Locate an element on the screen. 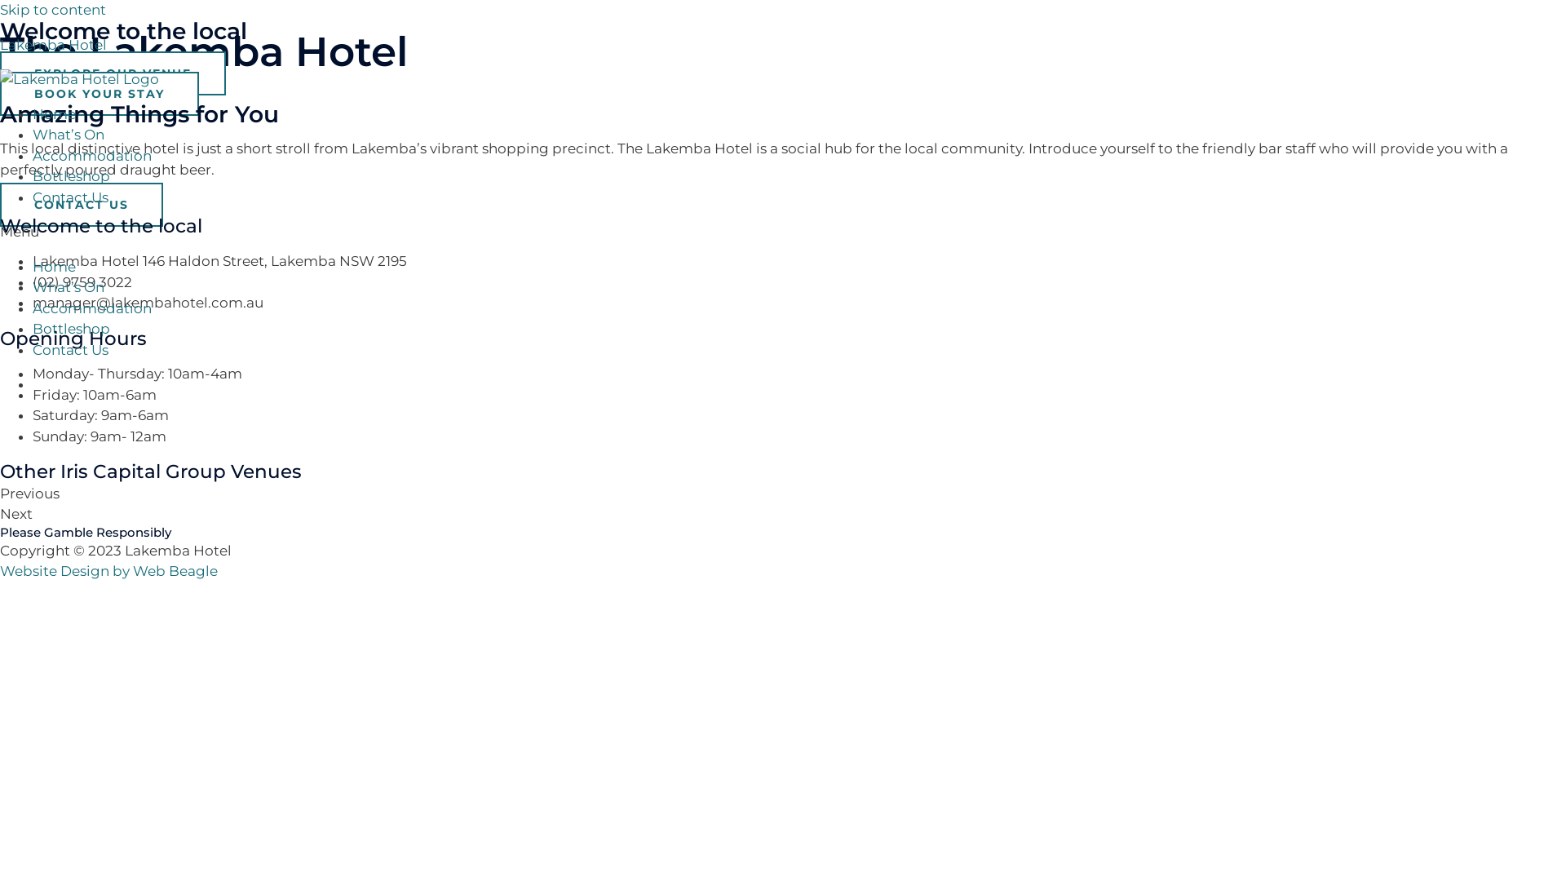 This screenshot has width=1566, height=881. 'BOOK YOUR STAY' is located at coordinates (98, 94).